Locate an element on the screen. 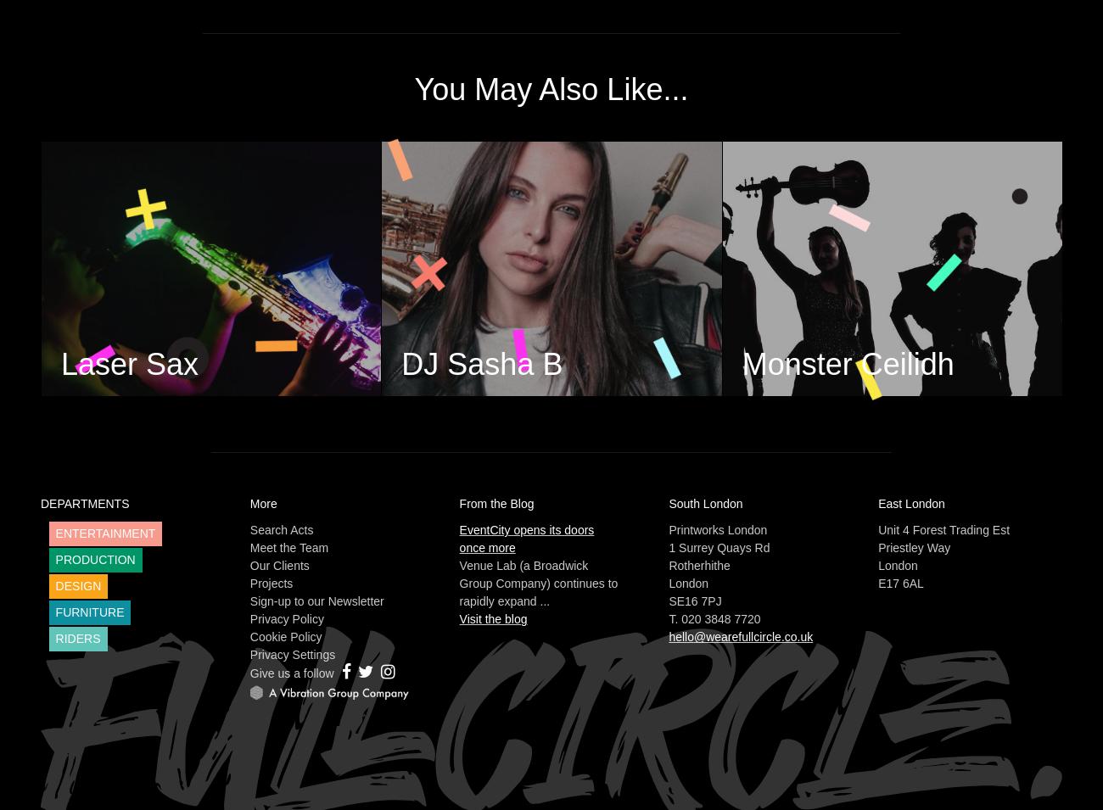  'Privacy Policy' is located at coordinates (285, 618).